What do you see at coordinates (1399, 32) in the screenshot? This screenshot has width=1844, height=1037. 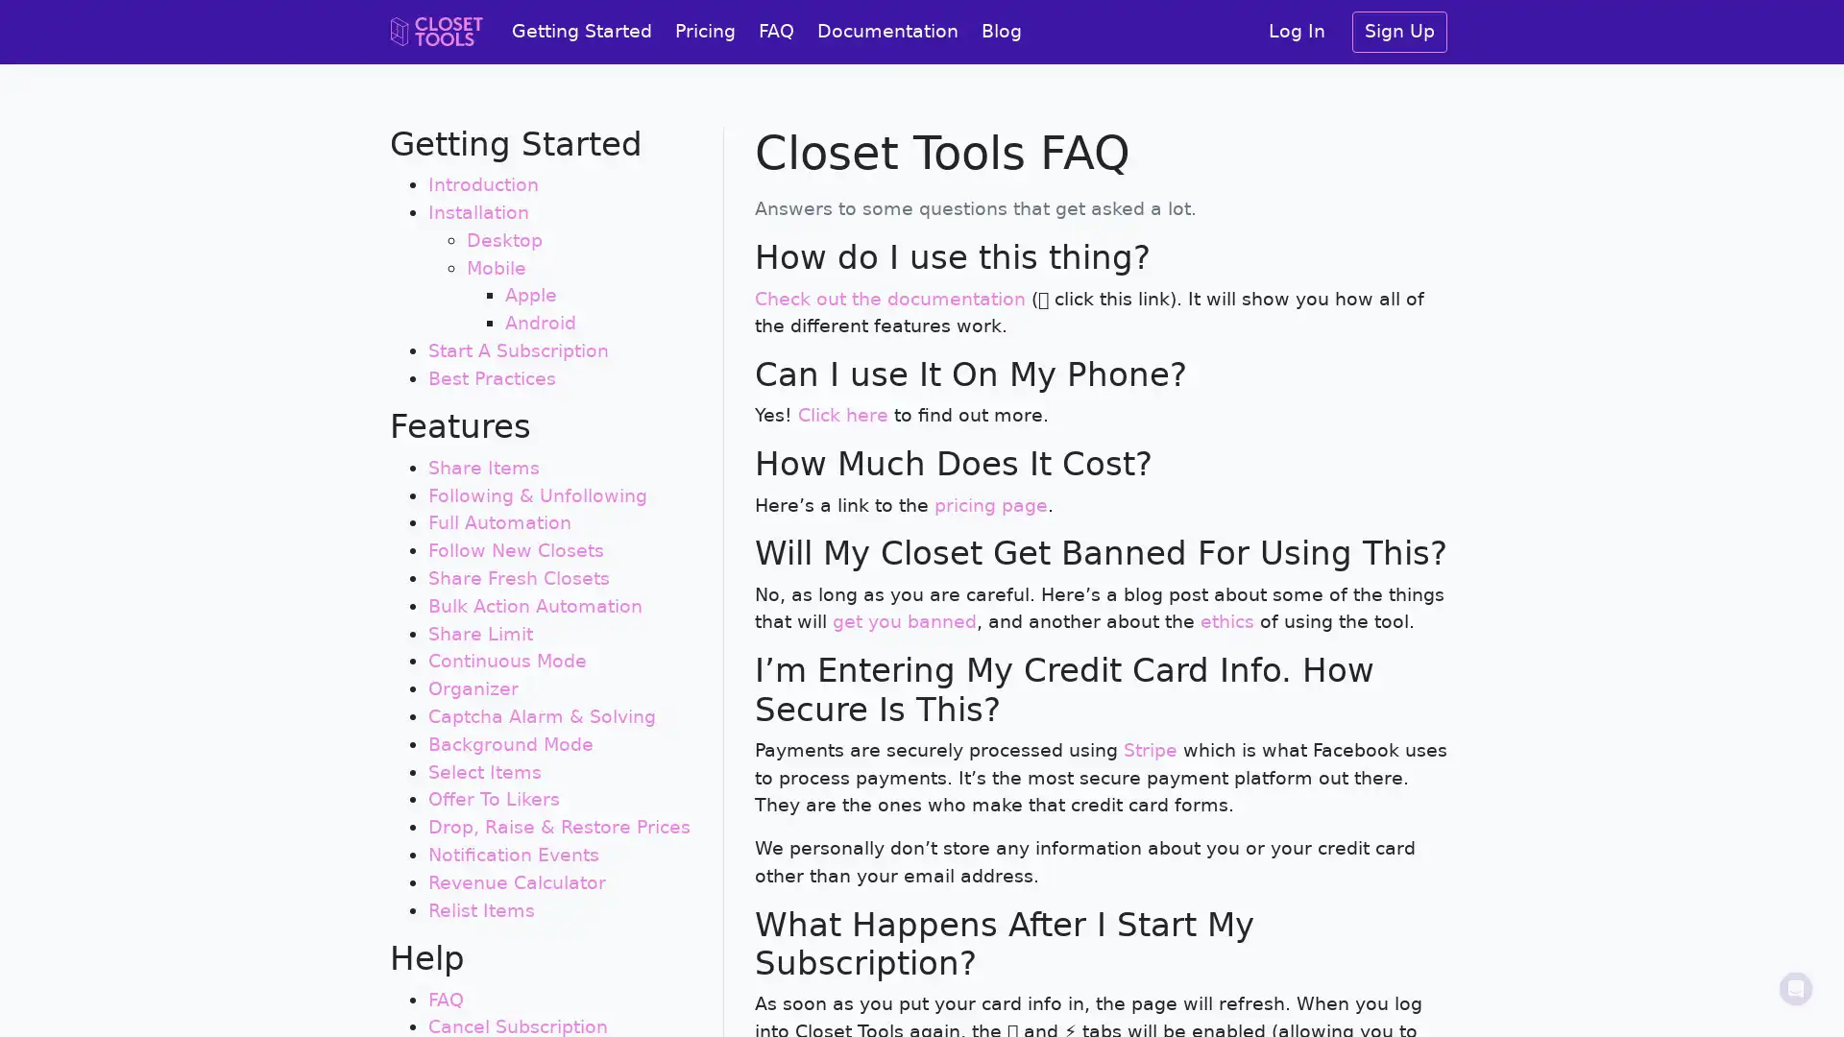 I see `Sign Up` at bounding box center [1399, 32].